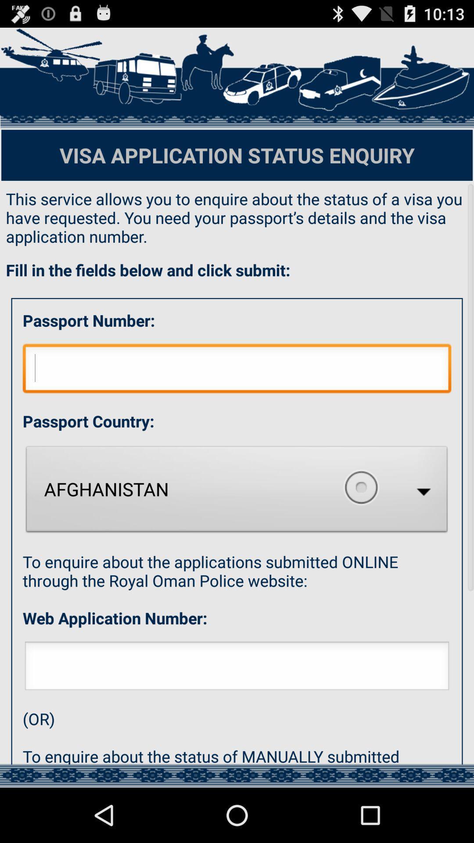  I want to click on the text field below passport number, so click(237, 371).